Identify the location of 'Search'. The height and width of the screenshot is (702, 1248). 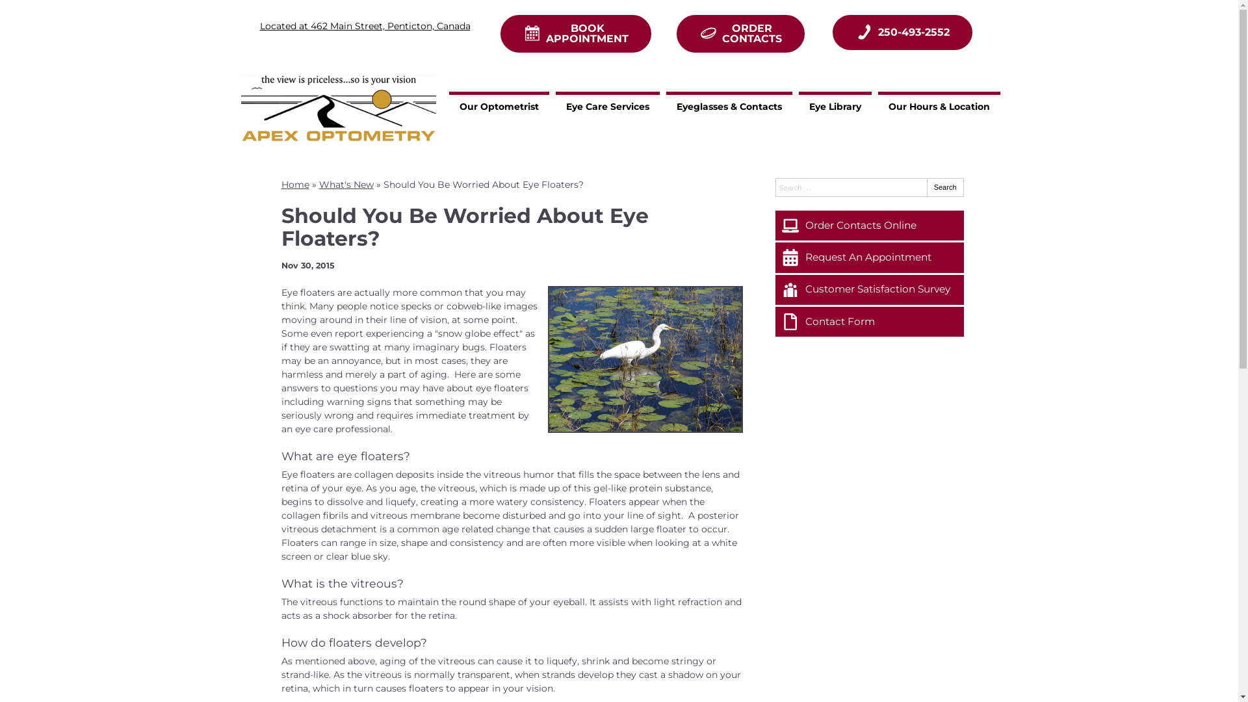
(945, 187).